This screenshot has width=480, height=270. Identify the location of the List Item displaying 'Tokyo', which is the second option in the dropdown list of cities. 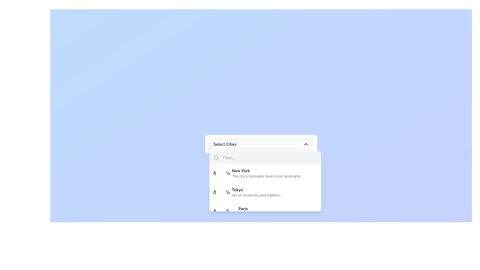
(247, 192).